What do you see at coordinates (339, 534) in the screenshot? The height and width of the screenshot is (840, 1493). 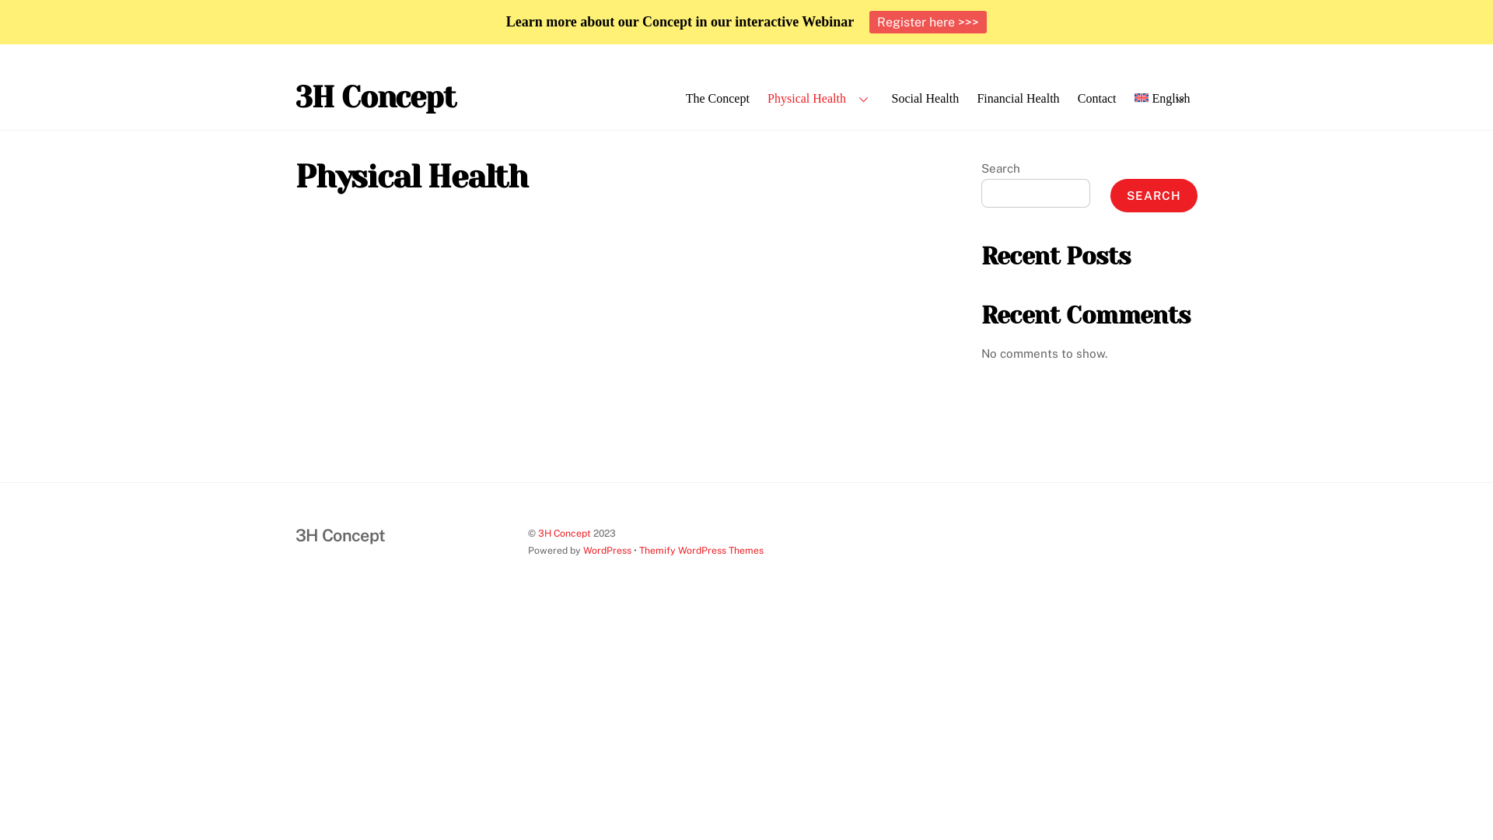 I see `'3H Concept'` at bounding box center [339, 534].